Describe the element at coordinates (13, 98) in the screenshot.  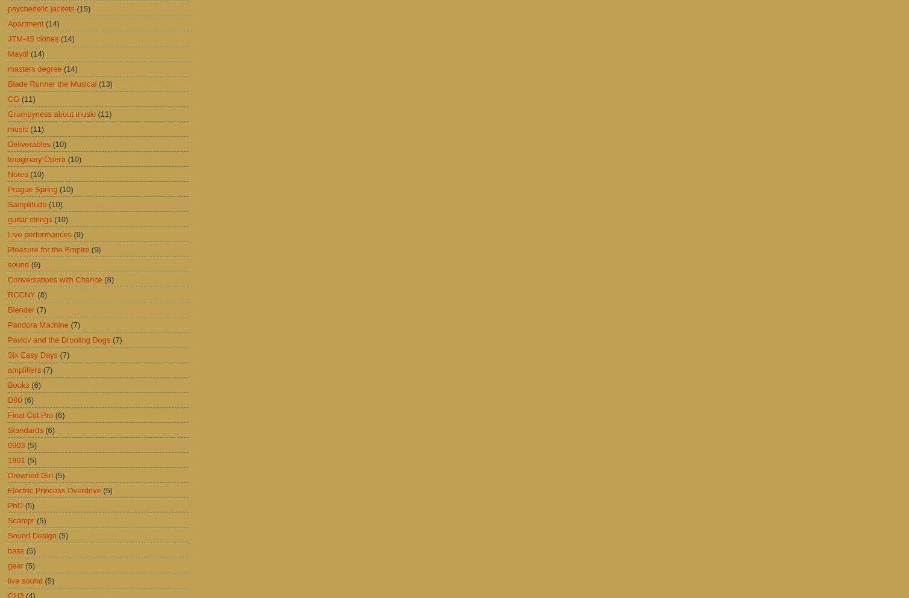
I see `'CG'` at that location.